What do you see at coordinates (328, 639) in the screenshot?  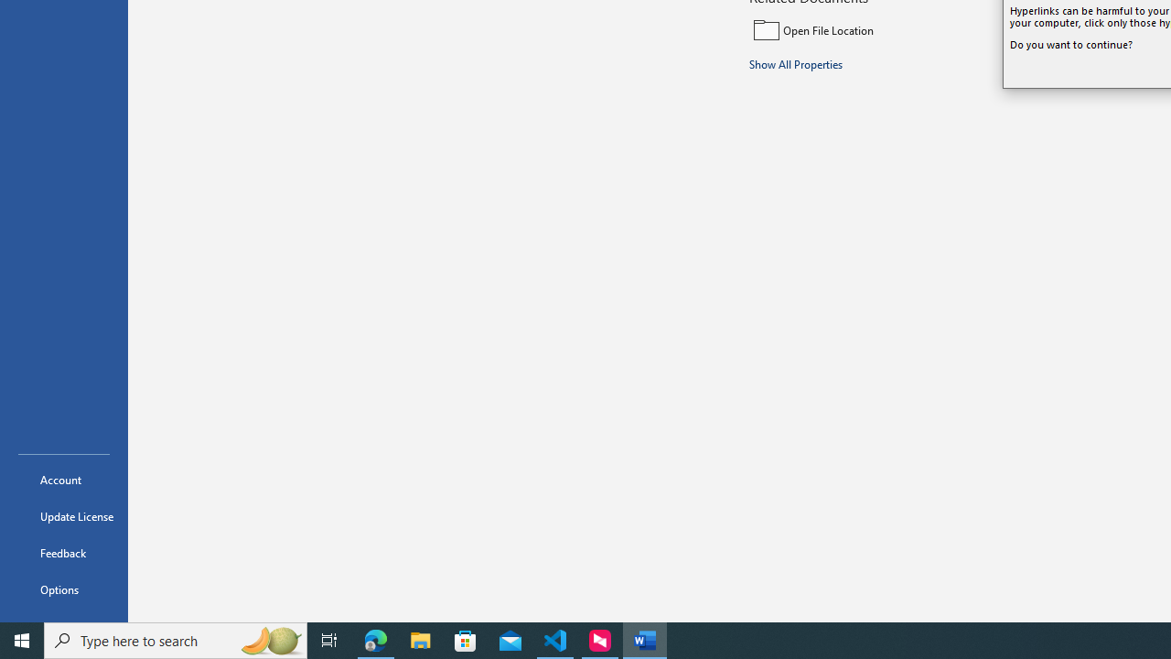 I see `'Task View'` at bounding box center [328, 639].